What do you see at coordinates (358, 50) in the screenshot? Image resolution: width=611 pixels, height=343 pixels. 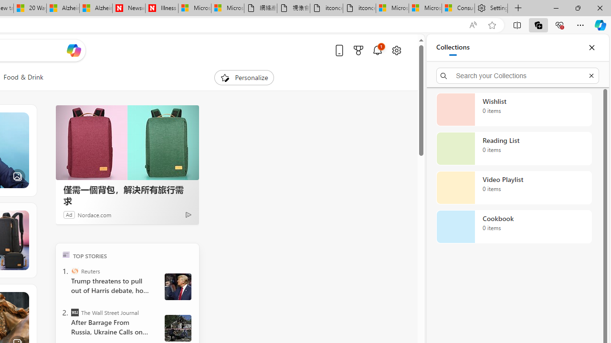 I see `'Microsoft rewards'` at bounding box center [358, 50].